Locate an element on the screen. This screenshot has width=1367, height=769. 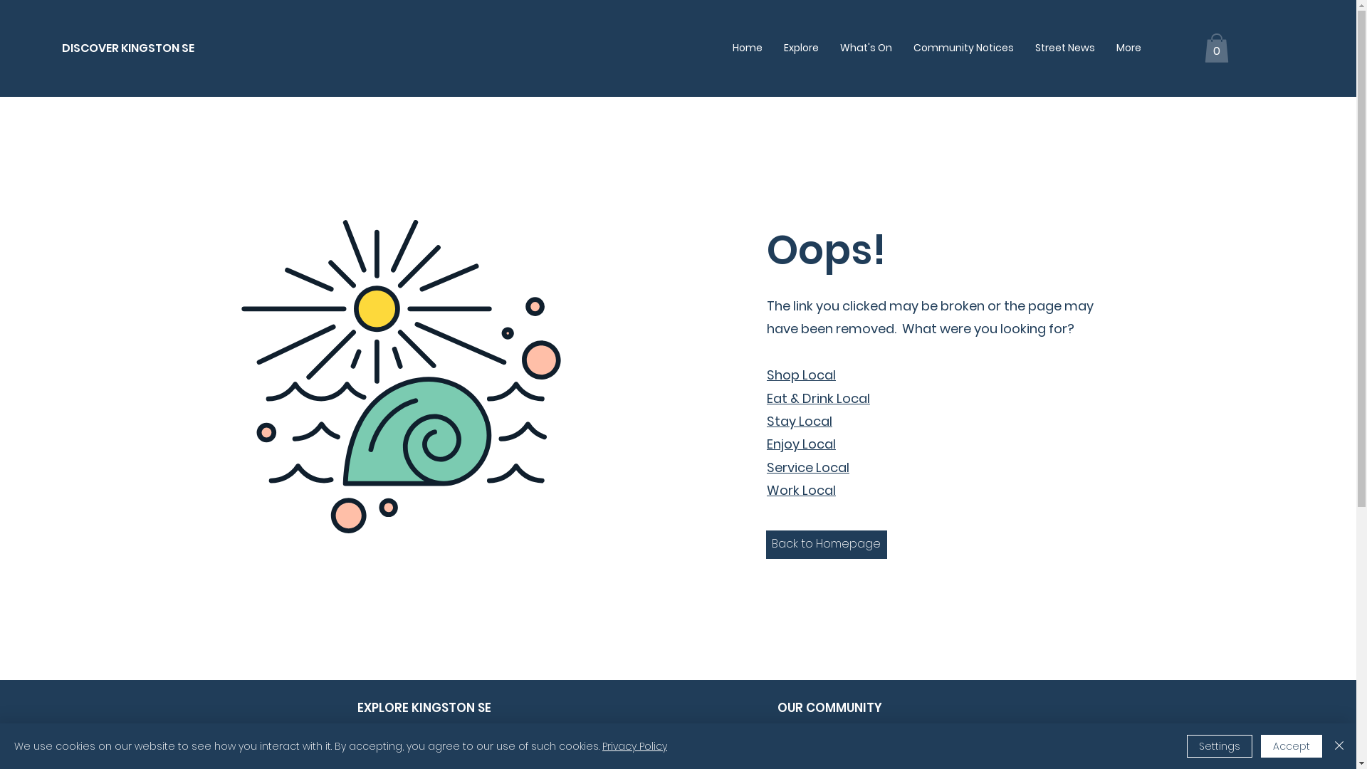
'Privacy Policy' is located at coordinates (634, 746).